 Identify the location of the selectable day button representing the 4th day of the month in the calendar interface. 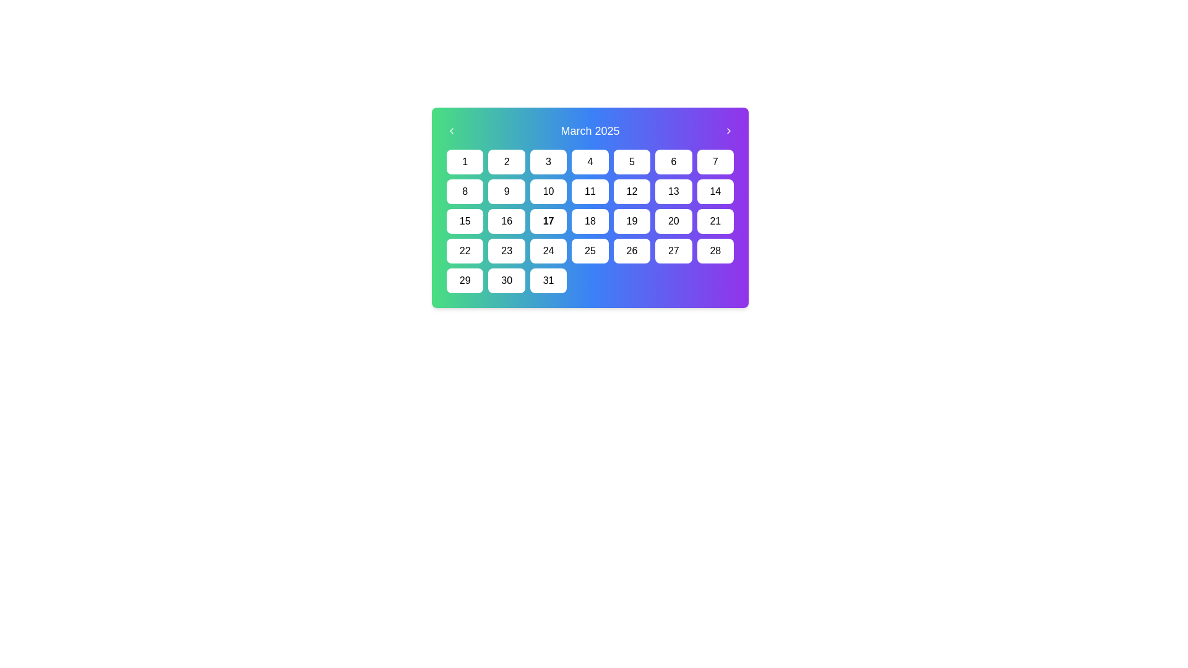
(590, 161).